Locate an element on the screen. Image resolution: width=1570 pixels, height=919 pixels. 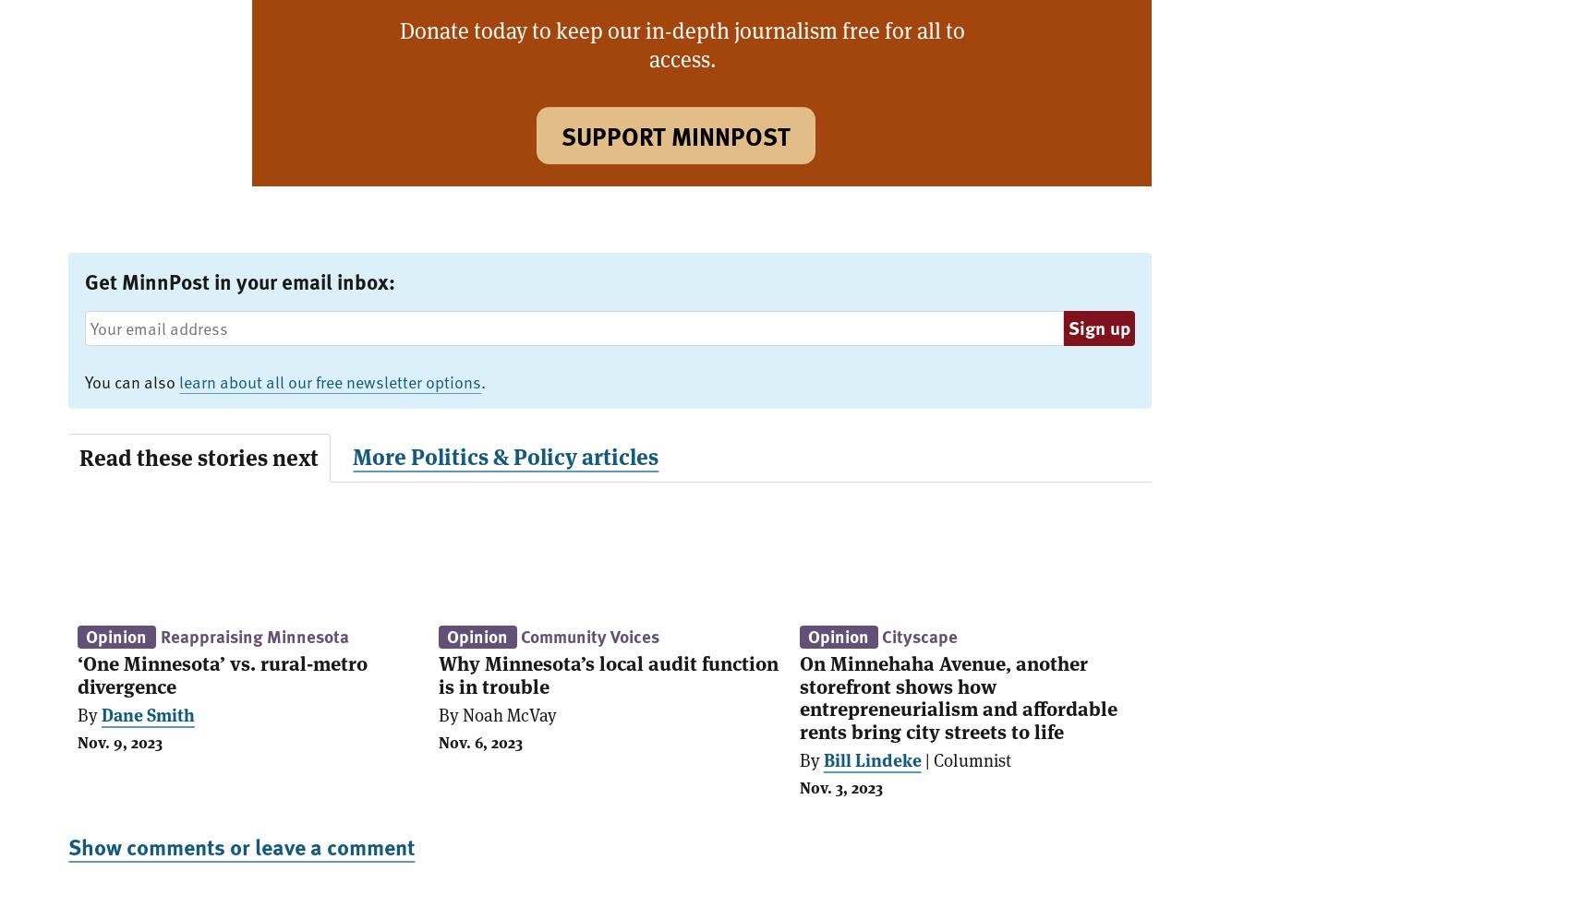
'Community Voices' is located at coordinates (590, 636).